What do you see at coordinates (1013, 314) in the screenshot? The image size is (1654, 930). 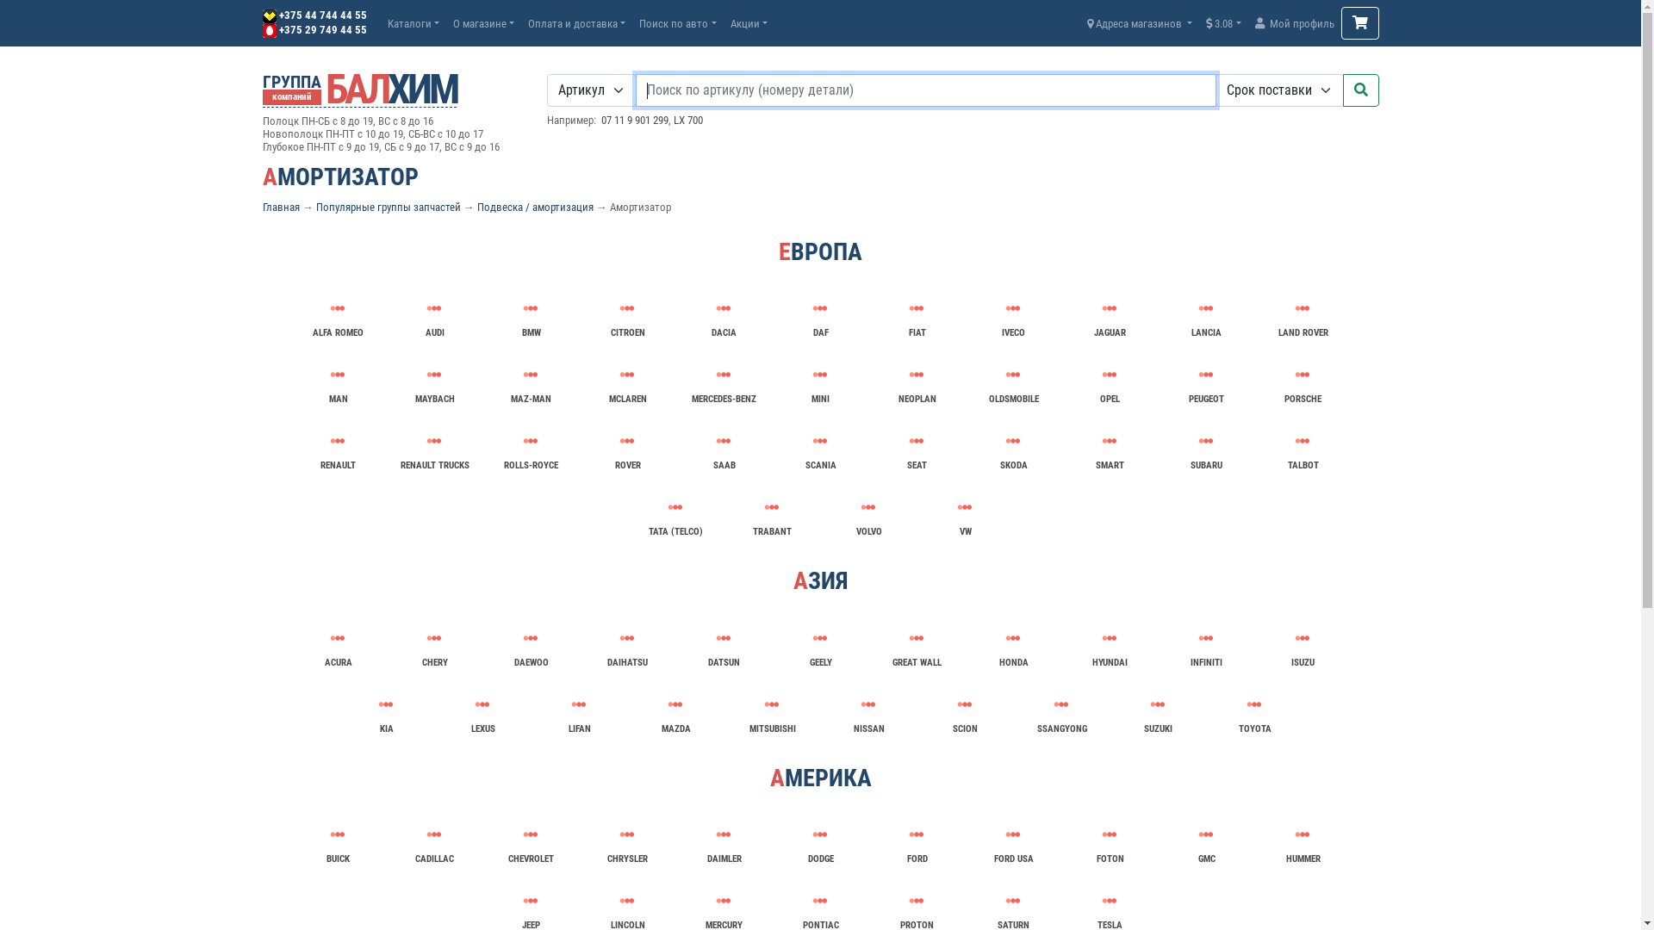 I see `'IVECO'` at bounding box center [1013, 314].